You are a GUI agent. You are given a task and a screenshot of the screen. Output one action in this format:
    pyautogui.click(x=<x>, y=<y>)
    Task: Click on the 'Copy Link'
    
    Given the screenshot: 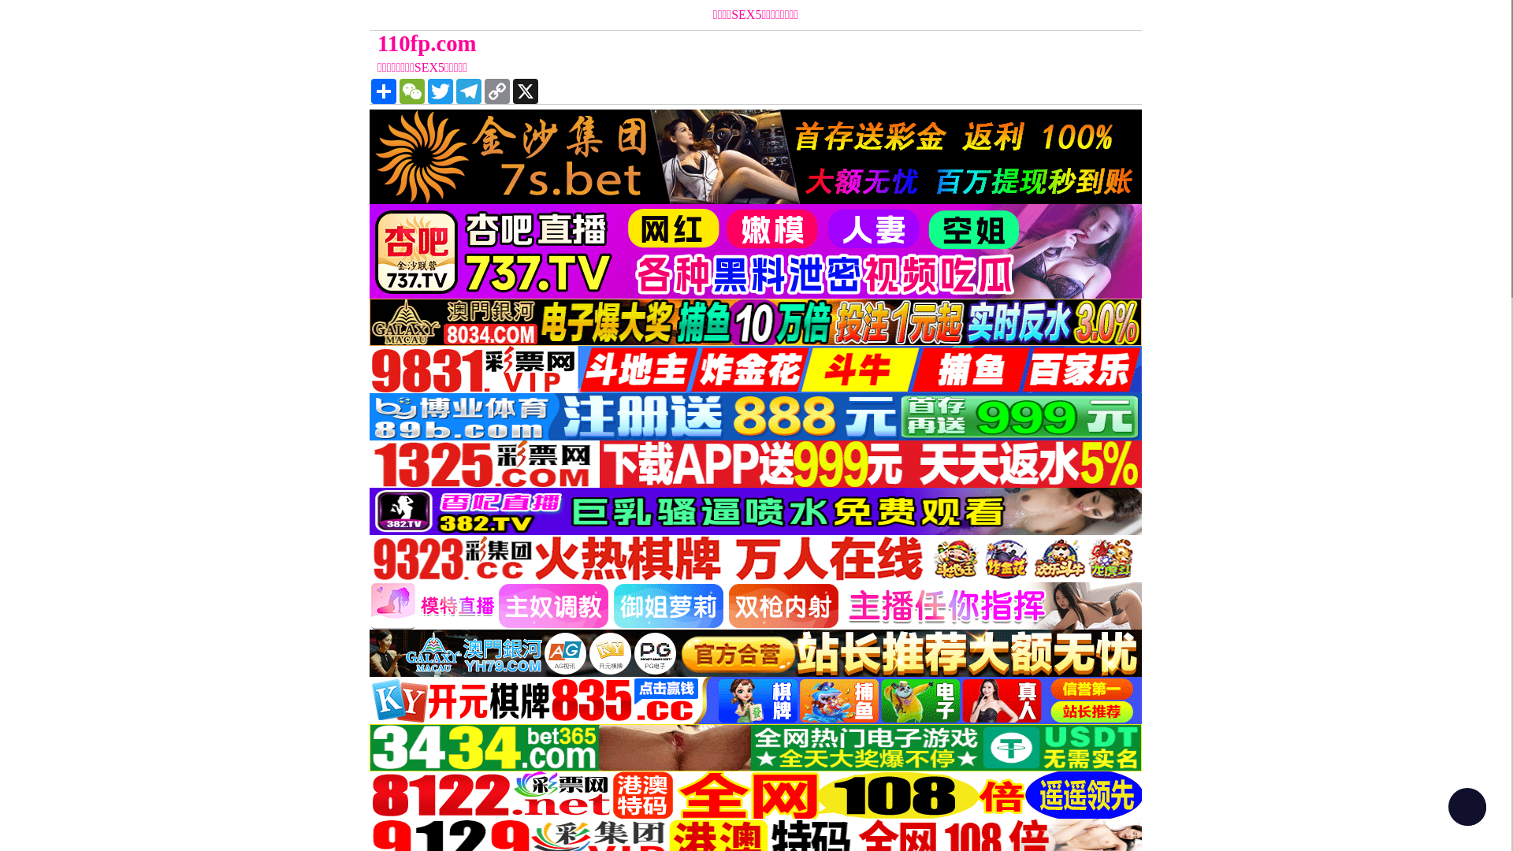 What is the action you would take?
    pyautogui.click(x=496, y=91)
    